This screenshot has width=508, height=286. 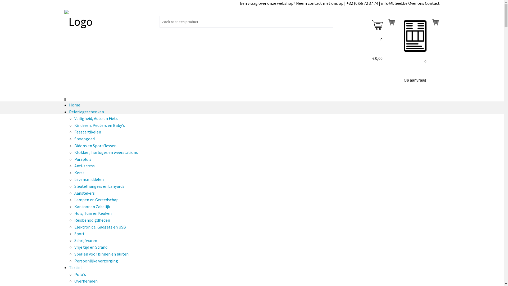 What do you see at coordinates (91, 247) in the screenshot?
I see `'Vrije tijd en Strand'` at bounding box center [91, 247].